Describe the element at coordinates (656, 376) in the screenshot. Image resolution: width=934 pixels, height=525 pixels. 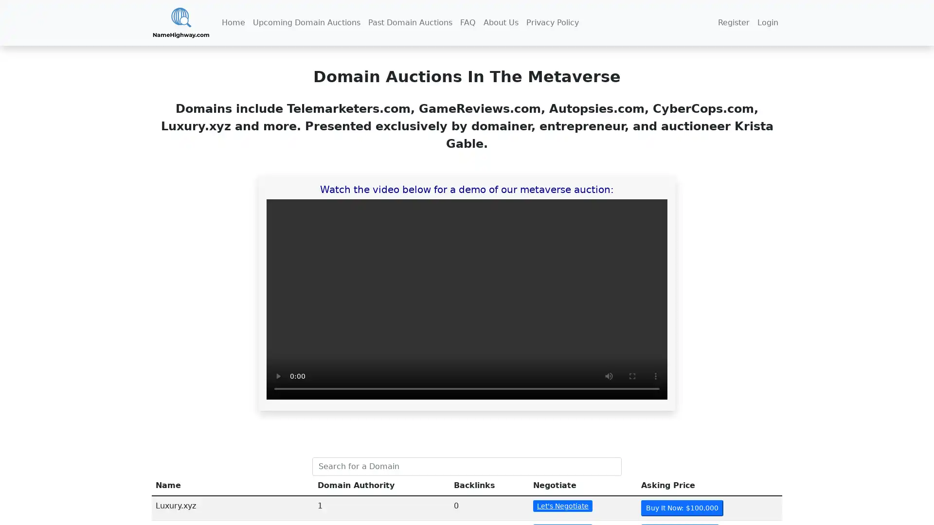
I see `show more media controls` at that location.